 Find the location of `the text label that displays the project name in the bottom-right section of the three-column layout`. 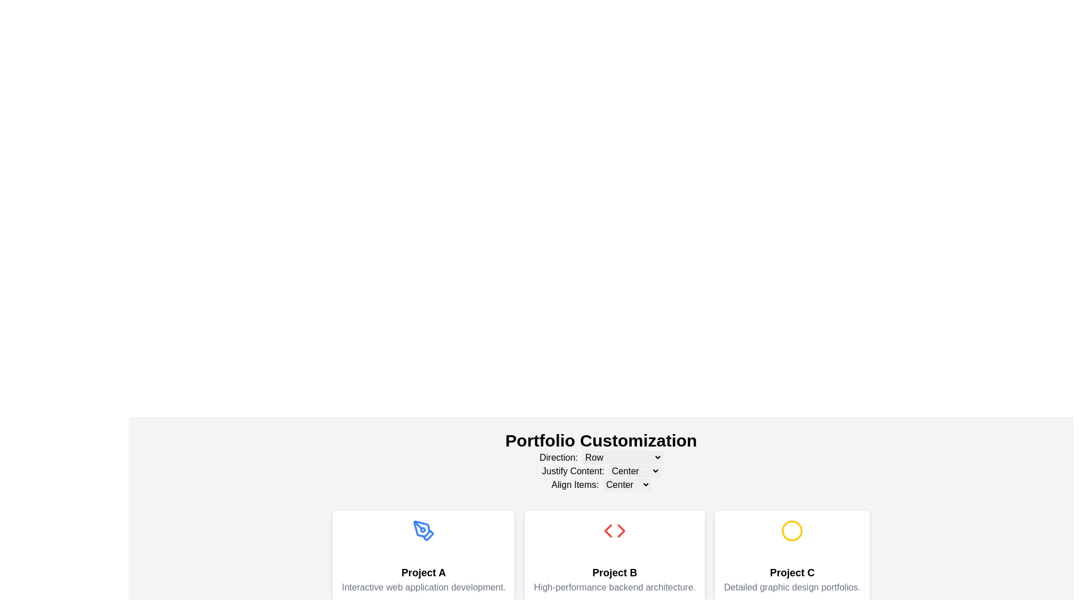

the text label that displays the project name in the bottom-right section of the three-column layout is located at coordinates (792, 572).